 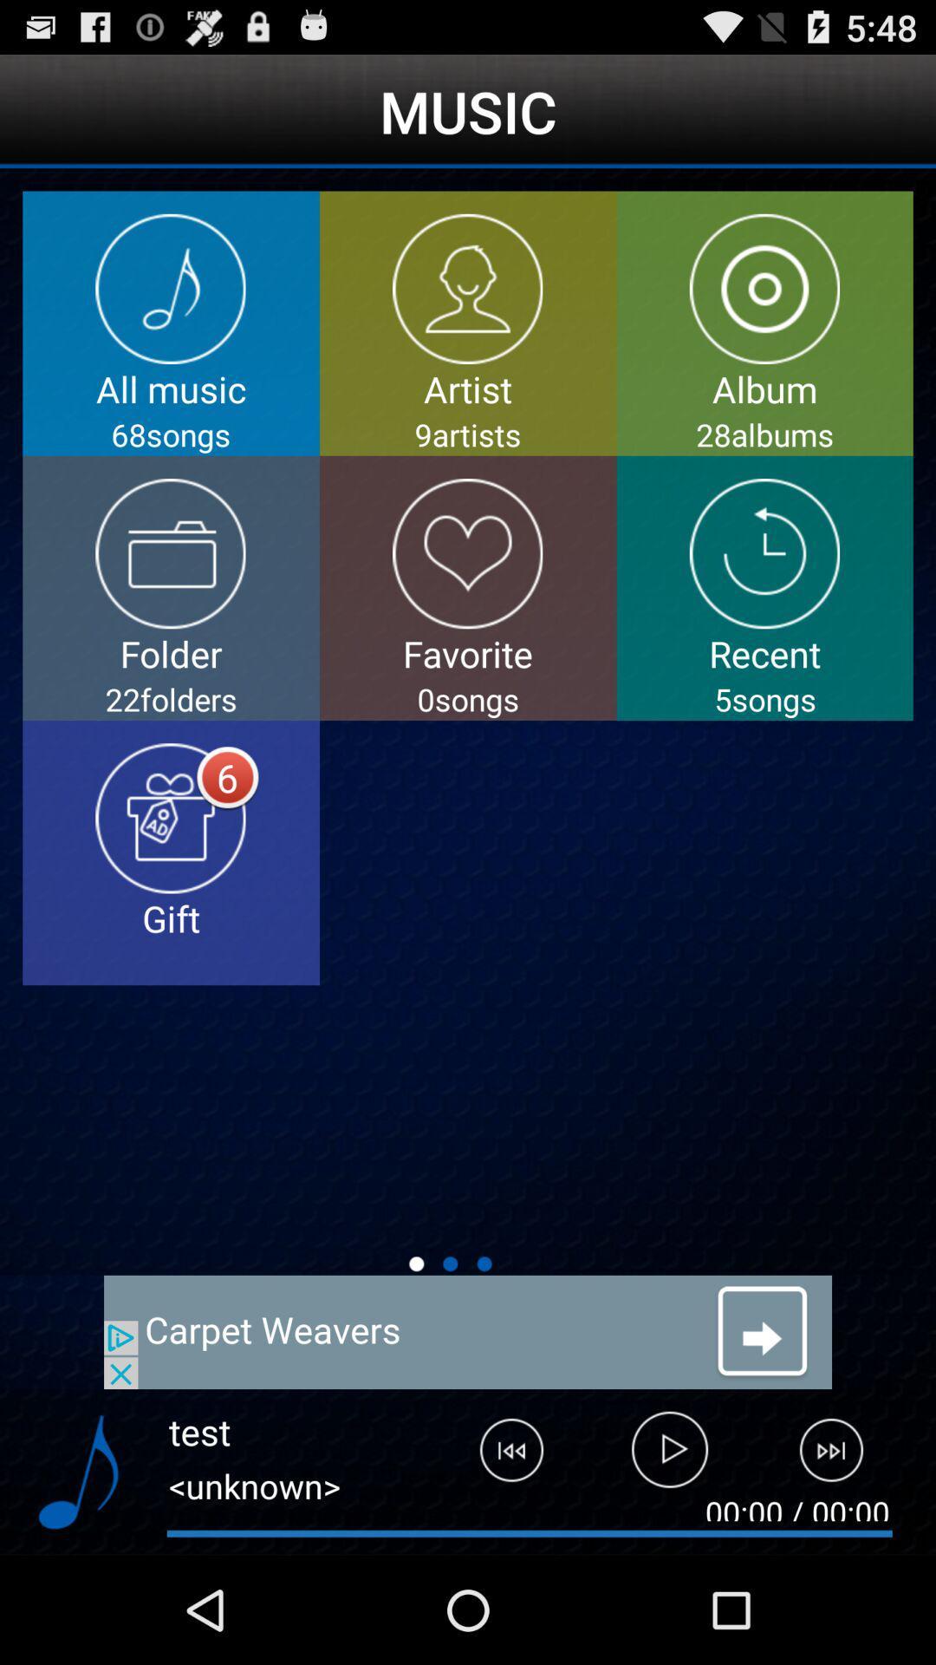 I want to click on the skip_previous icon, so click(x=498, y=1560).